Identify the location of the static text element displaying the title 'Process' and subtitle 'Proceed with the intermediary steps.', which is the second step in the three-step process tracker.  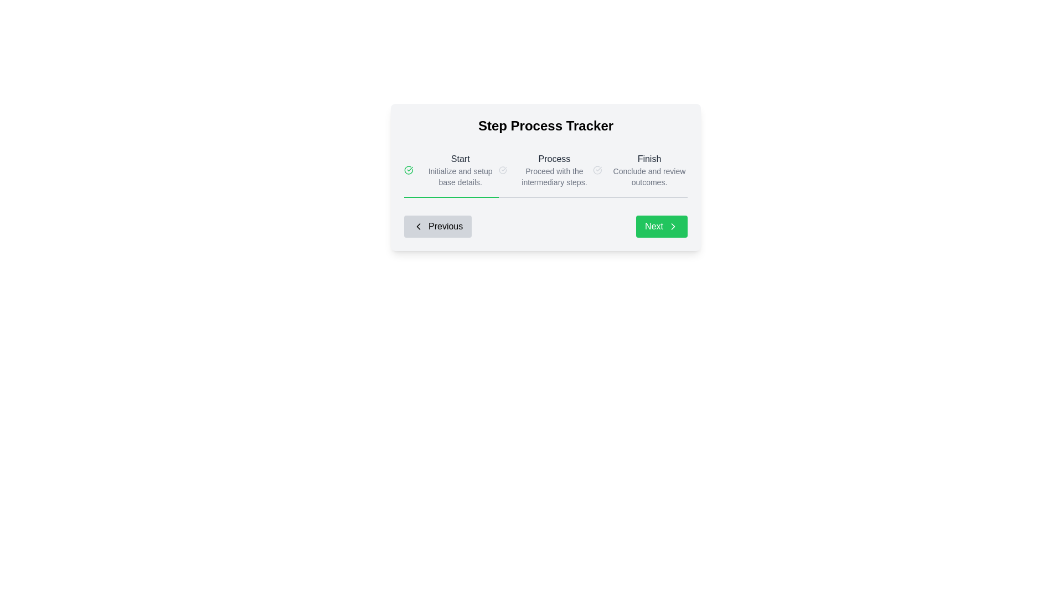
(554, 170).